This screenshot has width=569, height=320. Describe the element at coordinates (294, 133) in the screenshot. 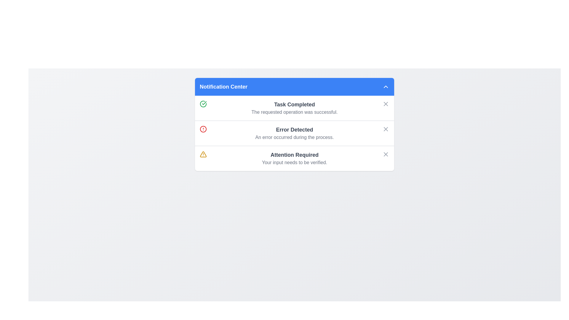

I see `the second notification item in the notification panel` at that location.